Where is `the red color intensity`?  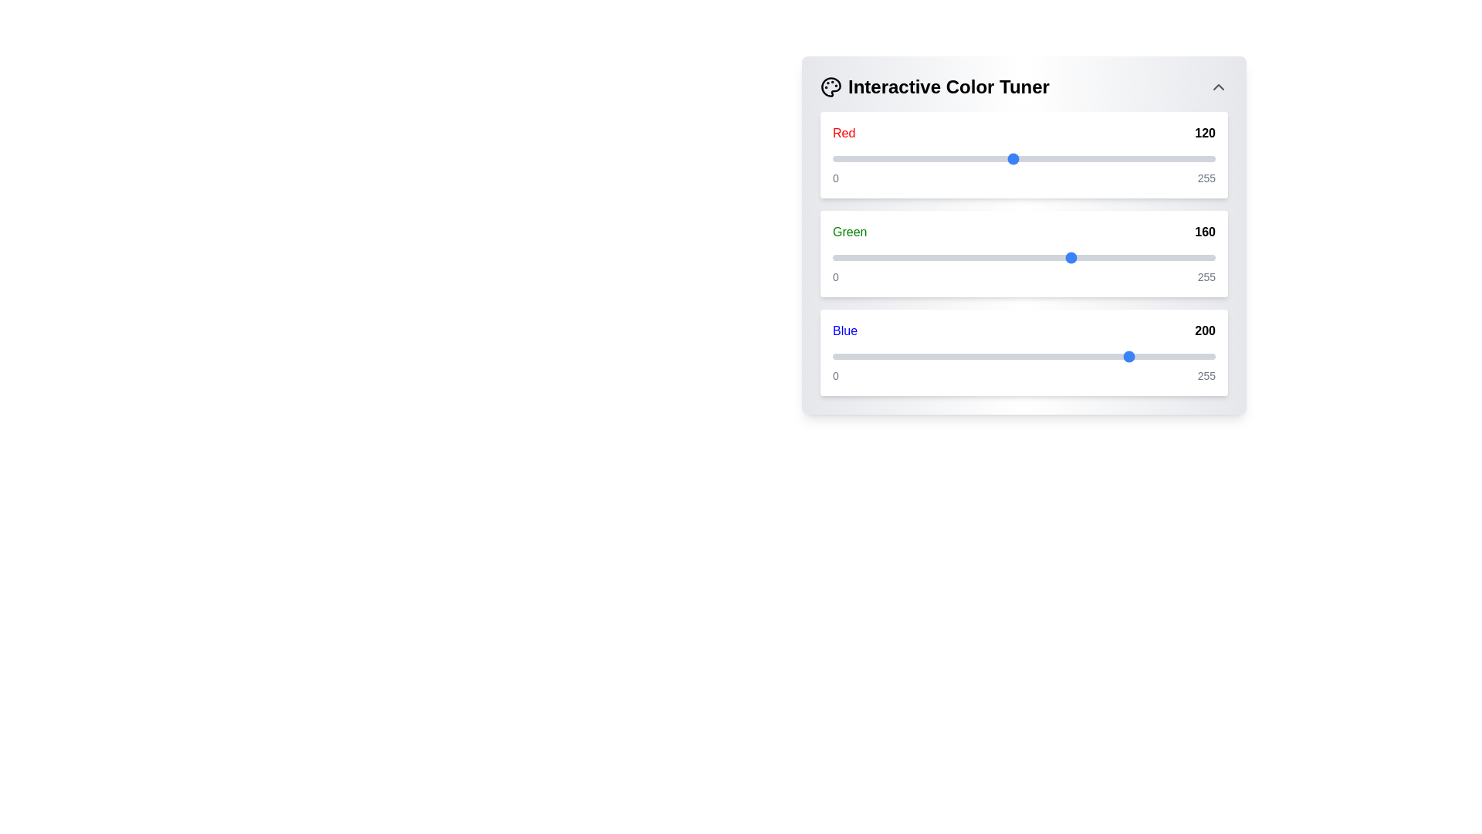
the red color intensity is located at coordinates (949, 158).